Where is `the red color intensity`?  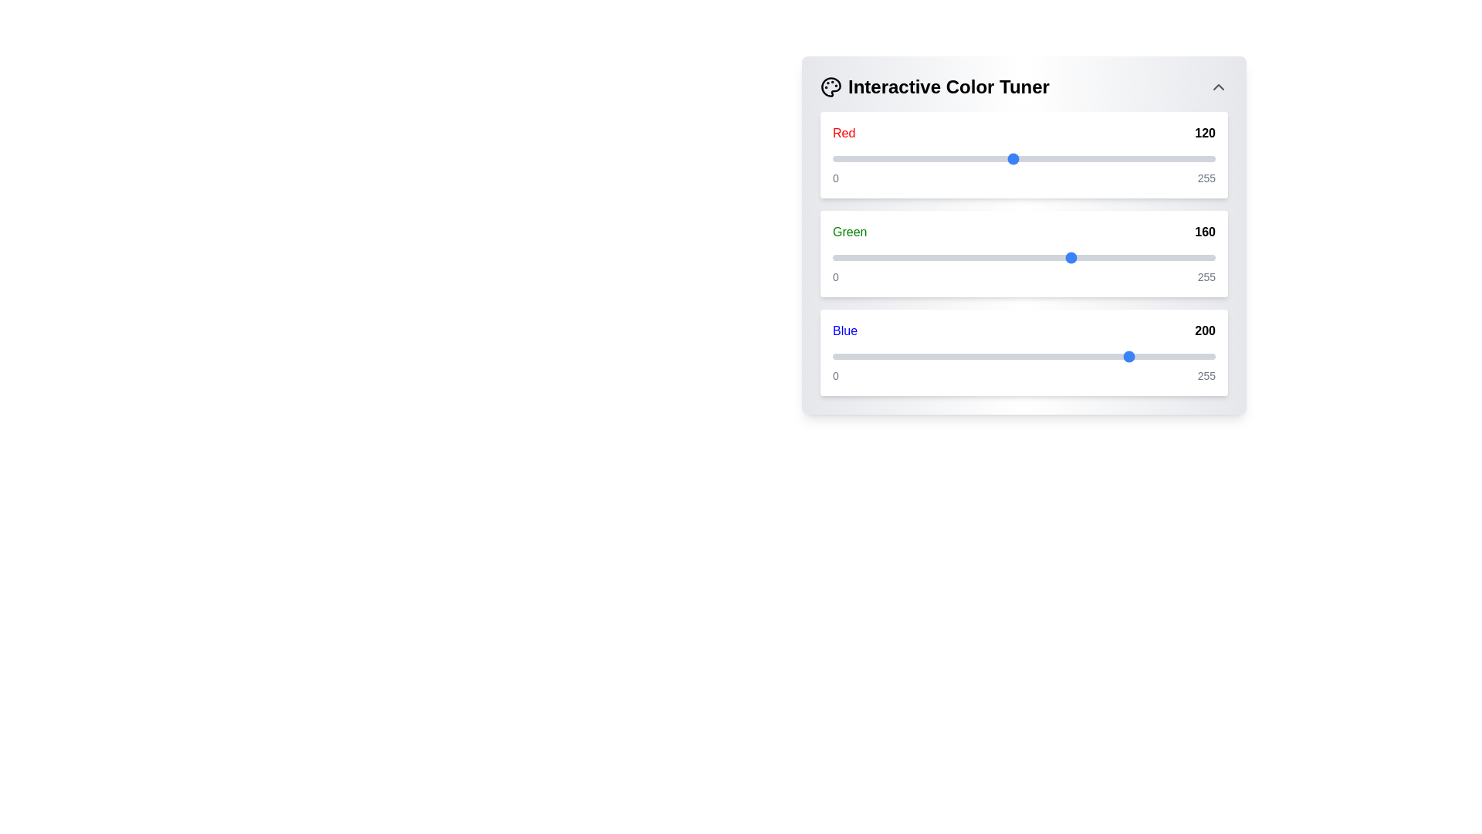
the red color intensity is located at coordinates (949, 158).